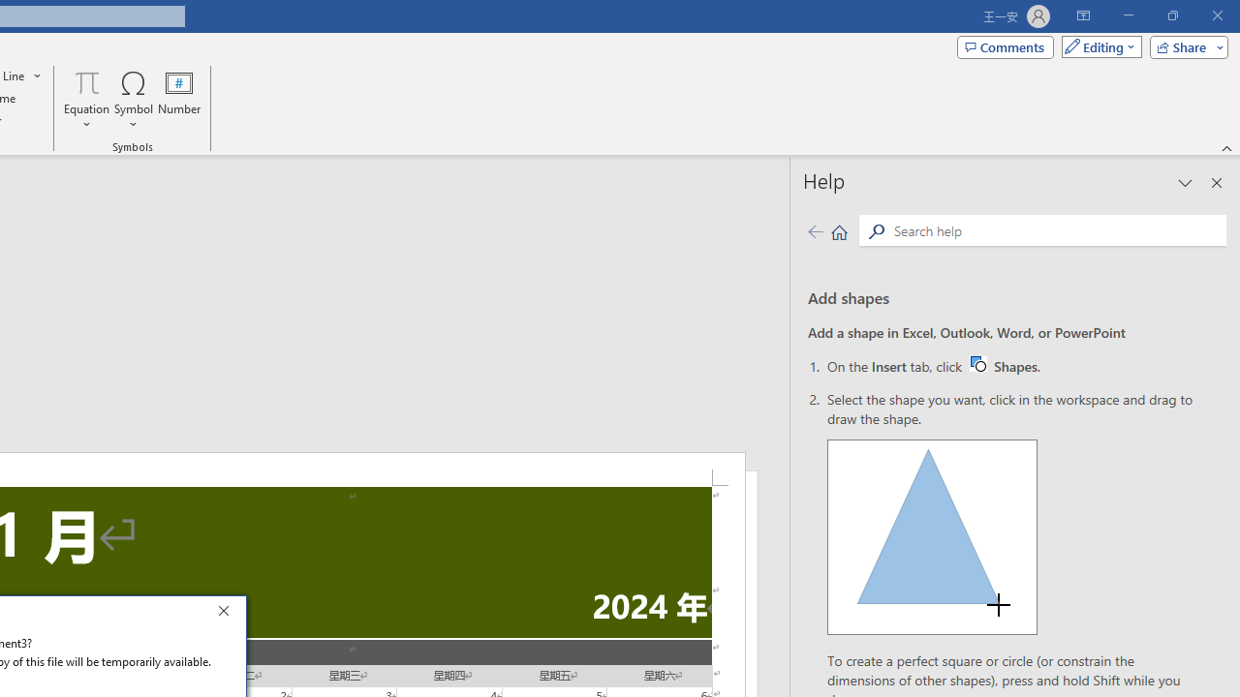 This screenshot has width=1240, height=697. What do you see at coordinates (932, 537) in the screenshot?
I see `'Drawing a shape'` at bounding box center [932, 537].